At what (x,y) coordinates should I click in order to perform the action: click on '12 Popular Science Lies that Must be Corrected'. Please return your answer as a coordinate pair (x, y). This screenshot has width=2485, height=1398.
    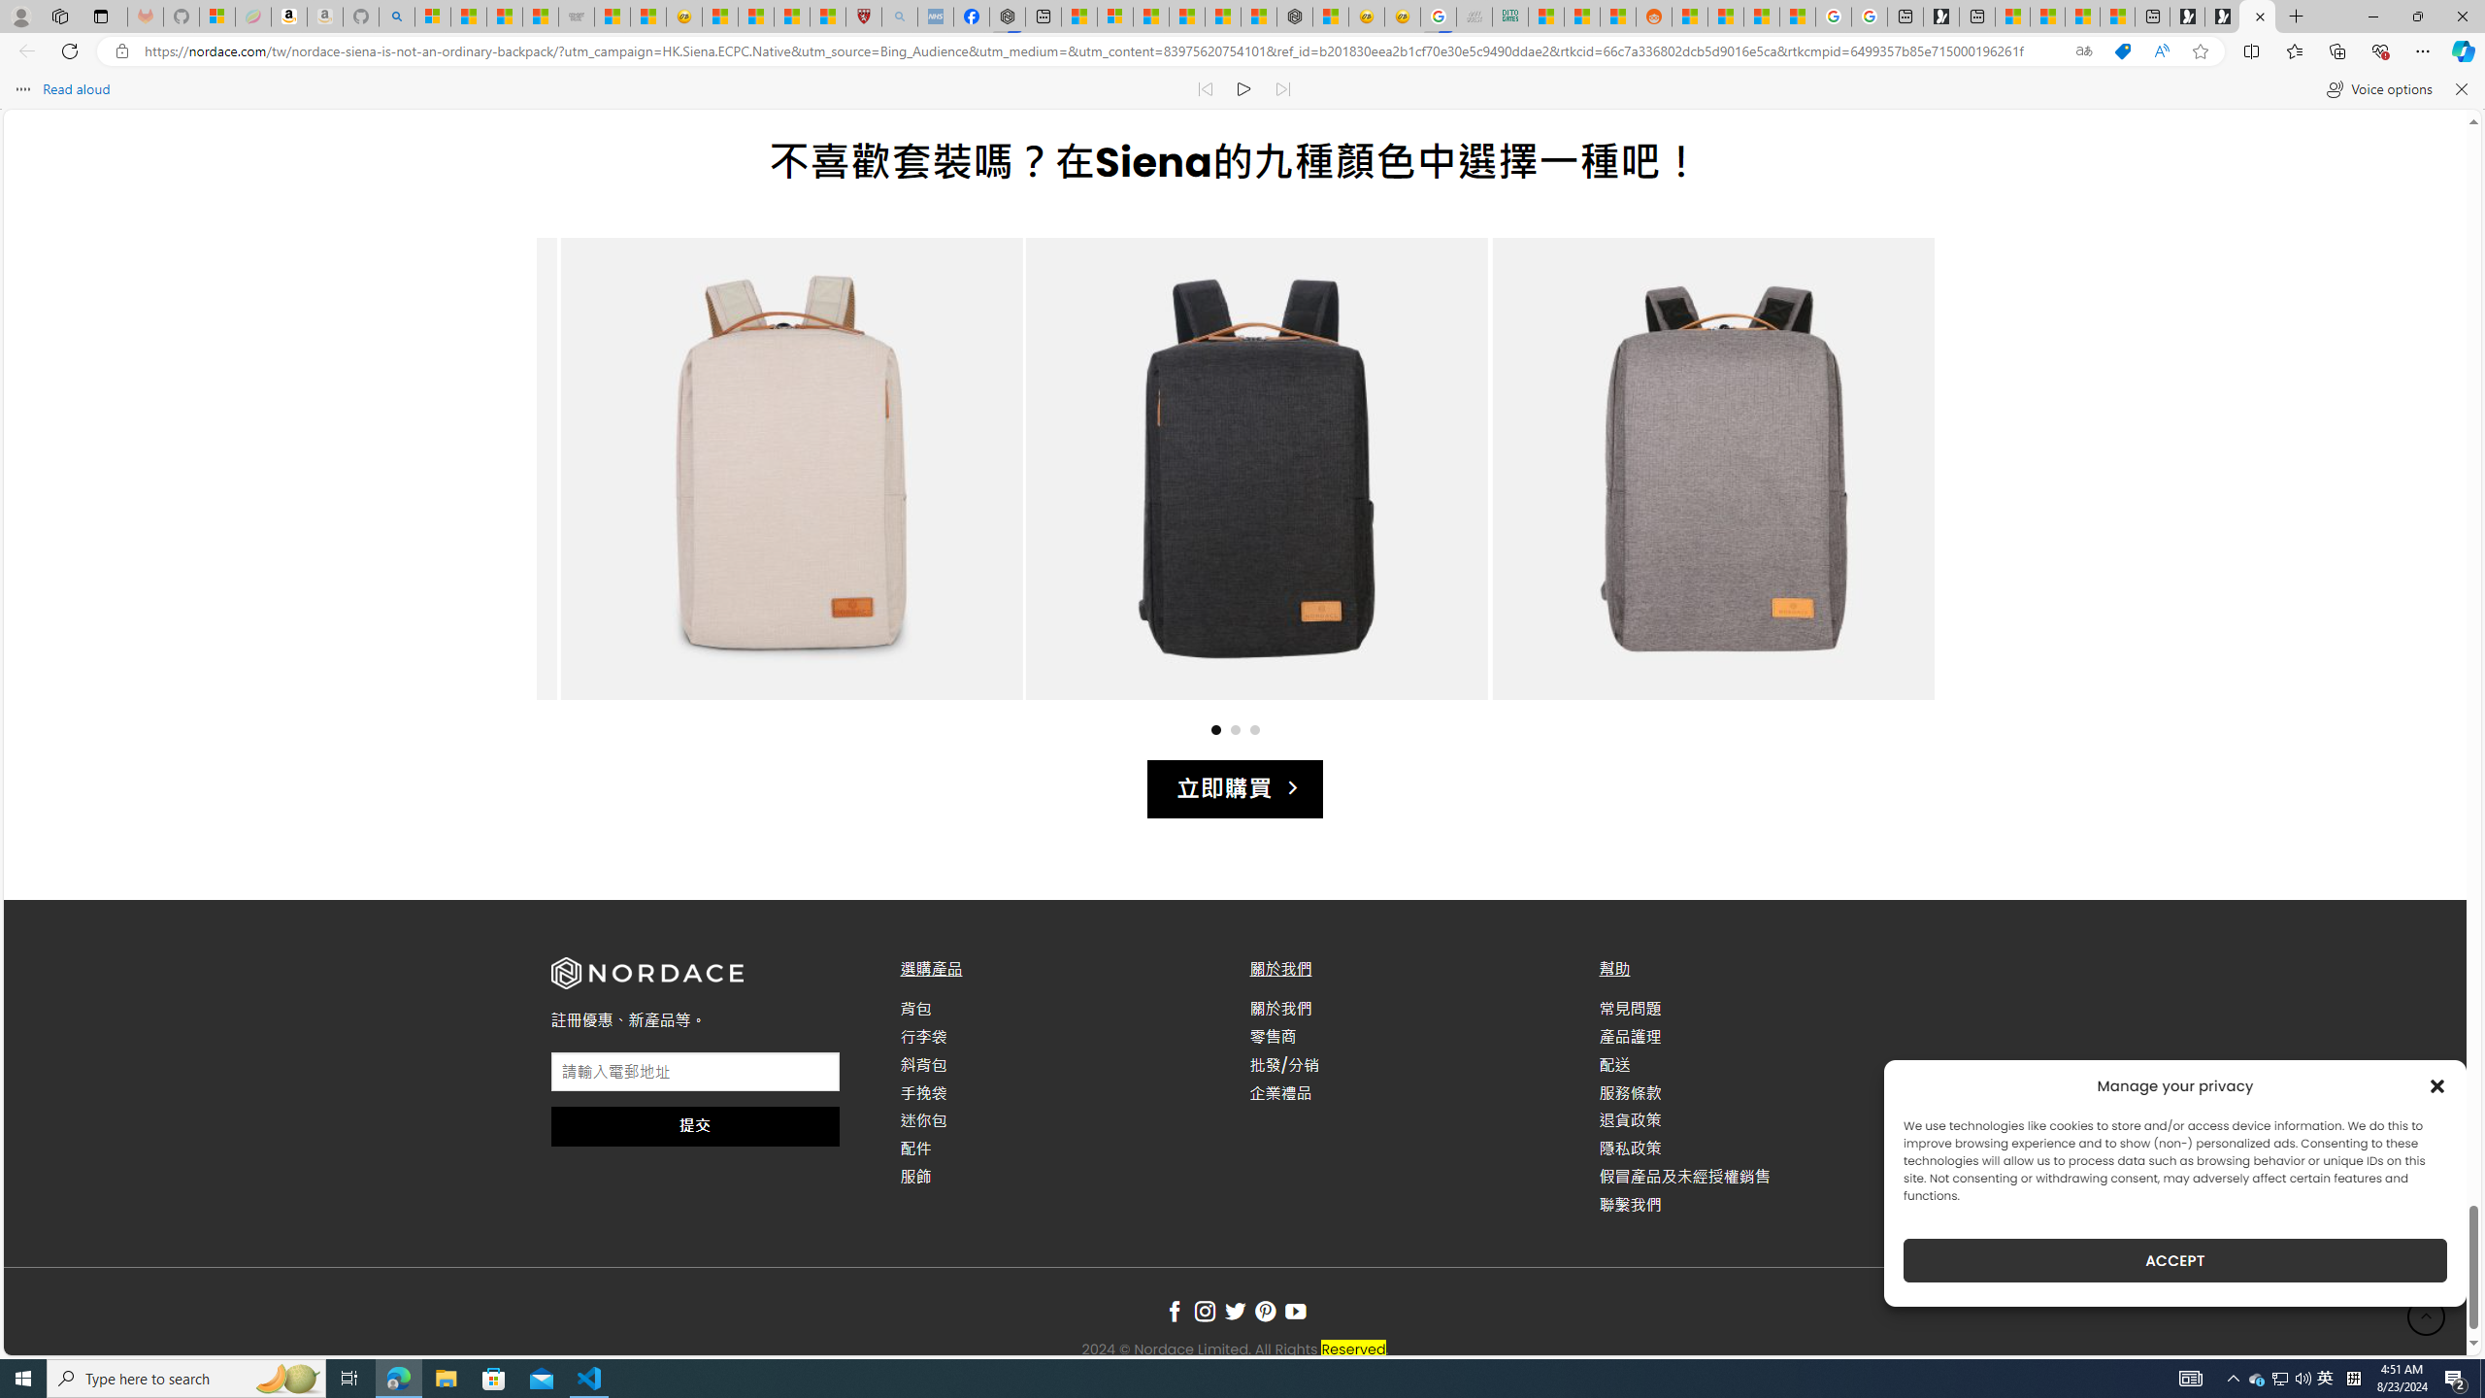
    Looking at the image, I should click on (827, 16).